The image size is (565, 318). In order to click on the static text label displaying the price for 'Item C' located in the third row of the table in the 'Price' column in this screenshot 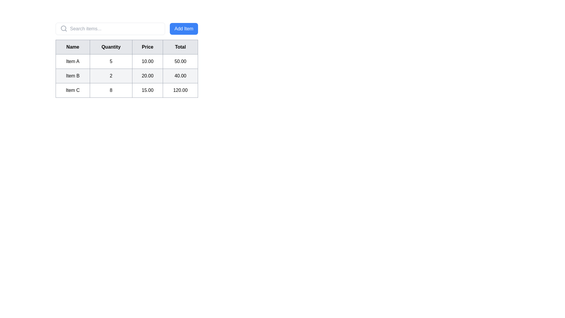, I will do `click(147, 90)`.